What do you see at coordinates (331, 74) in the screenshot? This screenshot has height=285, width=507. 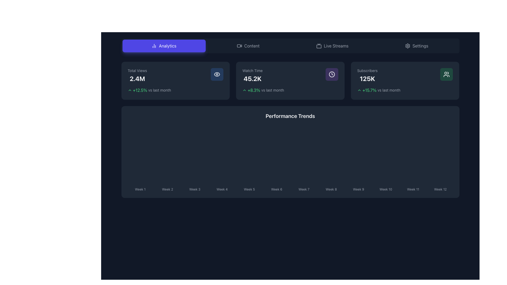 I see `the clock icon SVG element that represents time-related information, located between the 'Watch Time' and 'Subscribers' statistics` at bounding box center [331, 74].